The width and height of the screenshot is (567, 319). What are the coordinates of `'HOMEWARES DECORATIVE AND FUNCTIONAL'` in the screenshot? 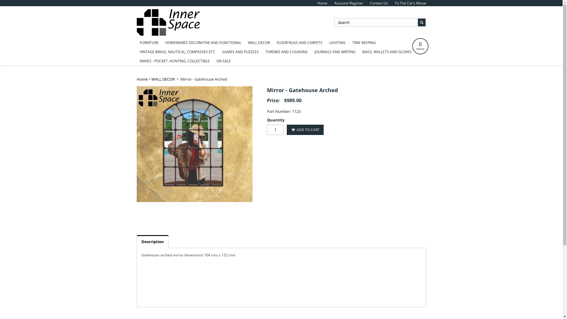 It's located at (203, 43).